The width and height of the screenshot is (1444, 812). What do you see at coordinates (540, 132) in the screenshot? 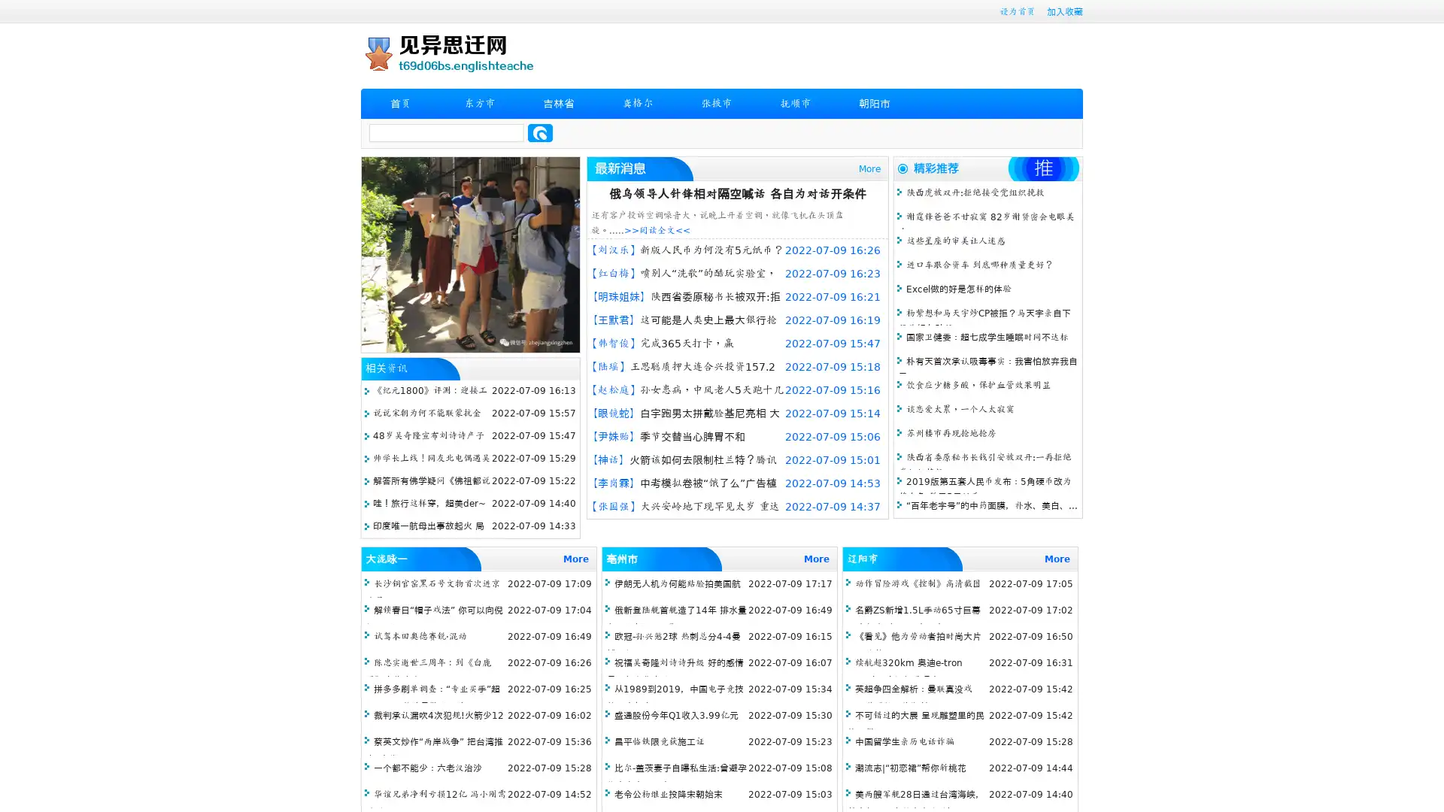
I see `Search` at bounding box center [540, 132].